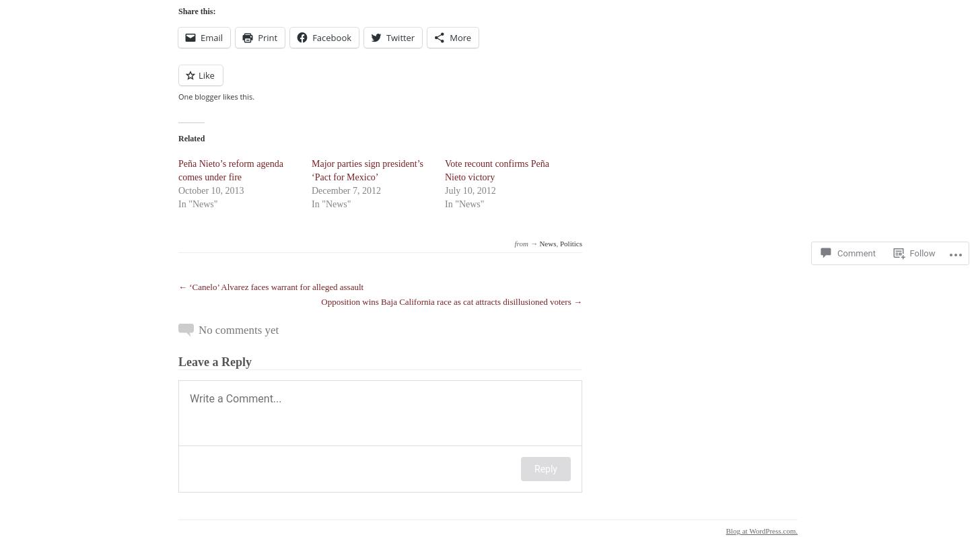 This screenshot has height=537, width=976. What do you see at coordinates (526, 242) in the screenshot?
I see `'from →'` at bounding box center [526, 242].